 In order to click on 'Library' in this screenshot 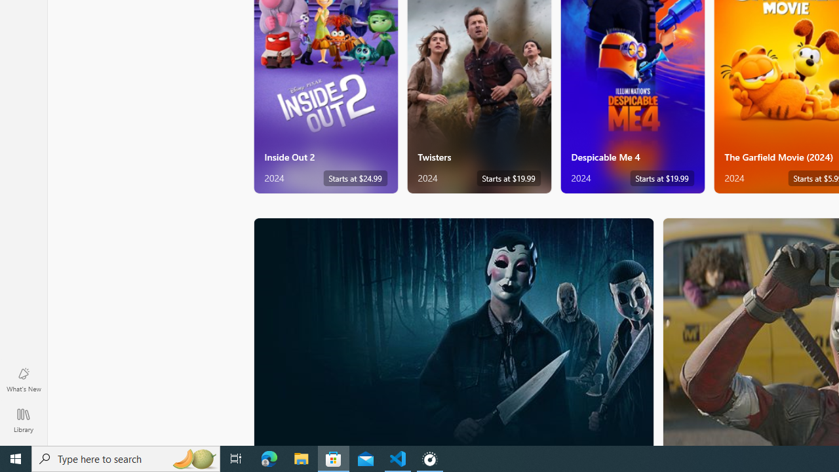, I will do `click(23, 420)`.